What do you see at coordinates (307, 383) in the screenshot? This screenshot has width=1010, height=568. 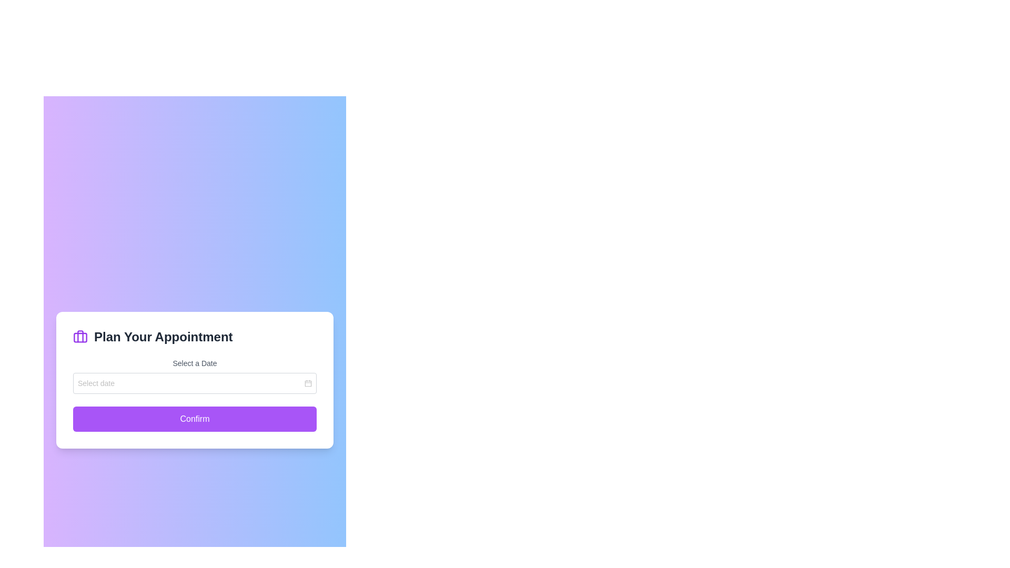 I see `the calendar icon located at the far right side of the 'Plan Your Appointment' form` at bounding box center [307, 383].